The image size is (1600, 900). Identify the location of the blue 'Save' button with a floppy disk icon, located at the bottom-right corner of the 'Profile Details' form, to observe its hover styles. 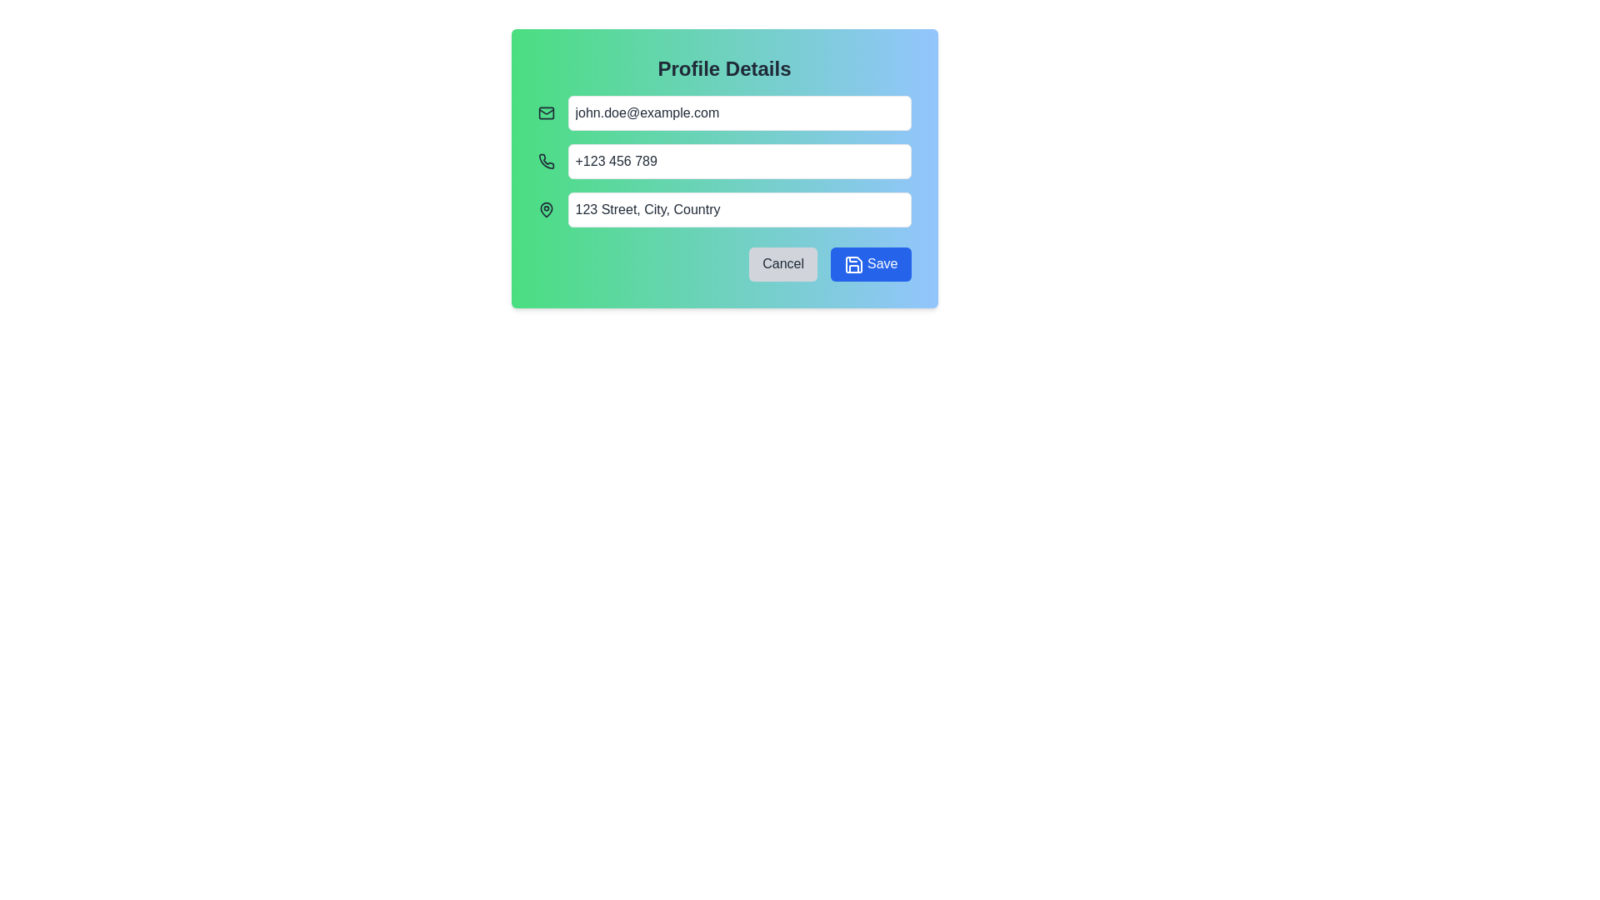
(870, 263).